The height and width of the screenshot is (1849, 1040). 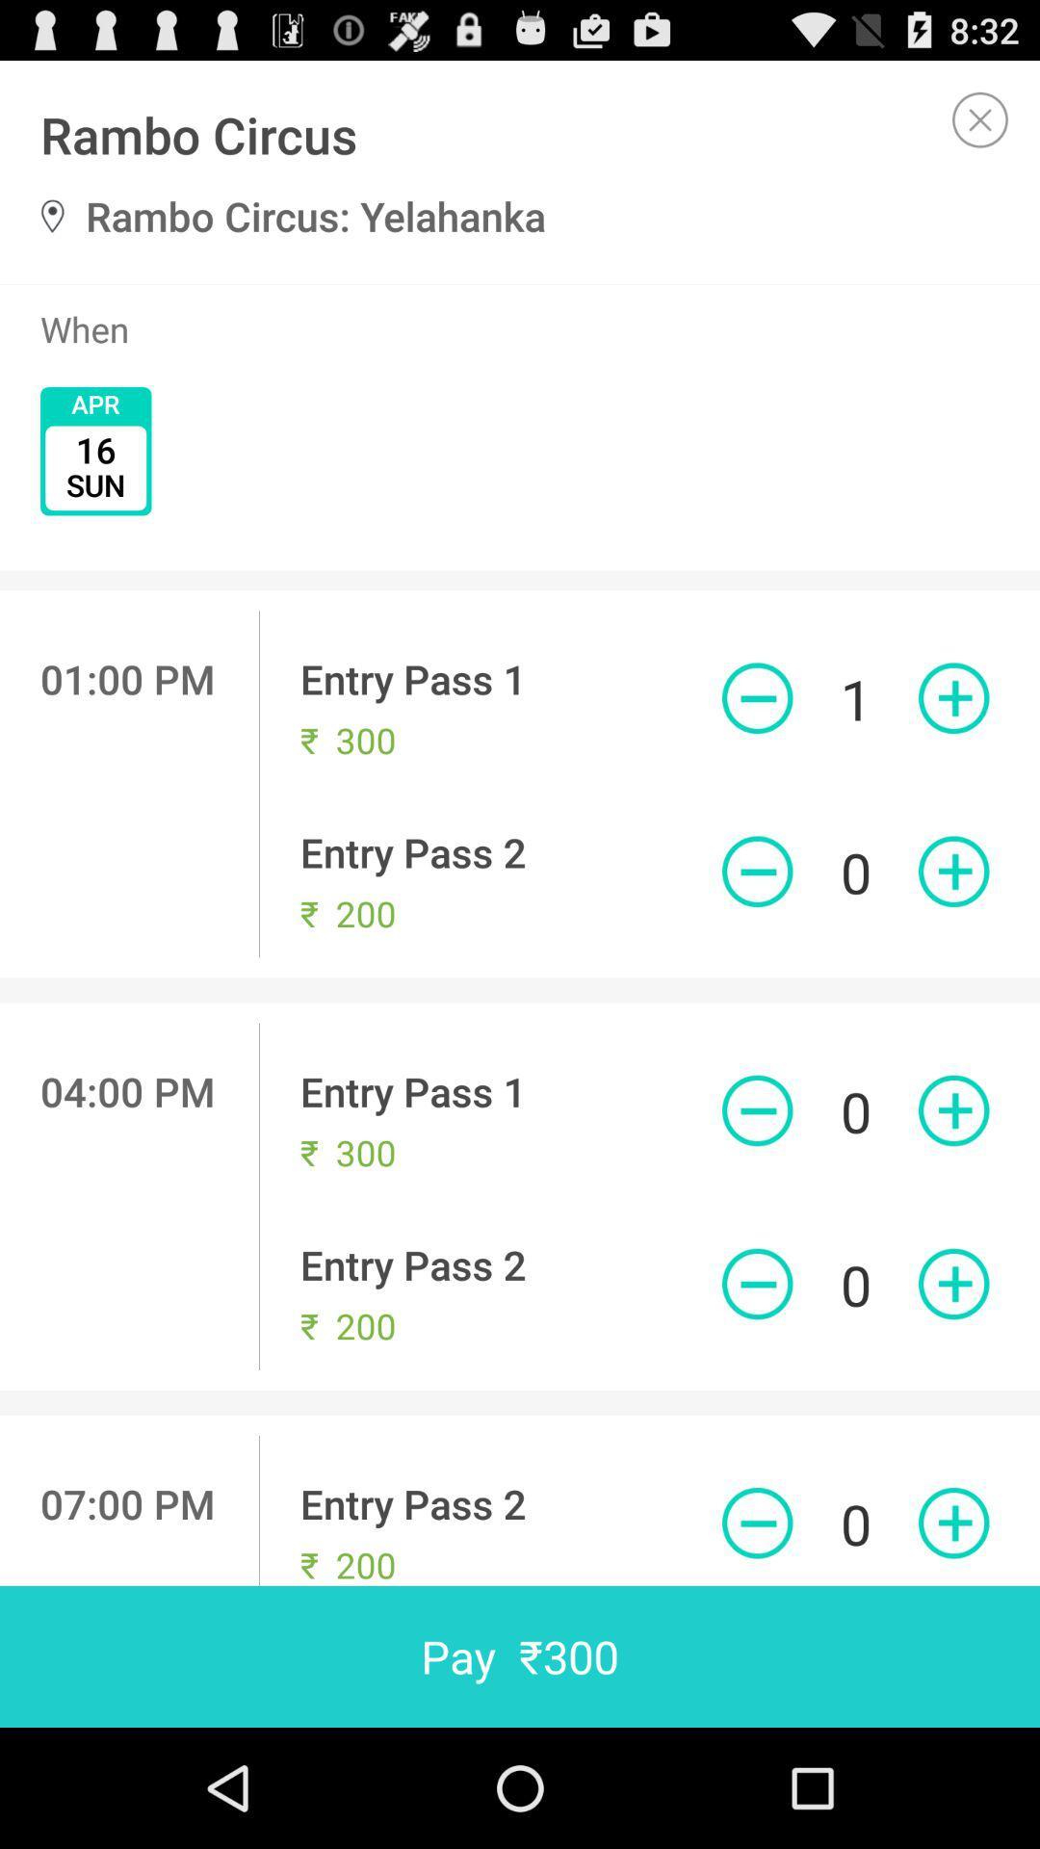 What do you see at coordinates (756, 1284) in the screenshot?
I see `decrease quantity` at bounding box center [756, 1284].